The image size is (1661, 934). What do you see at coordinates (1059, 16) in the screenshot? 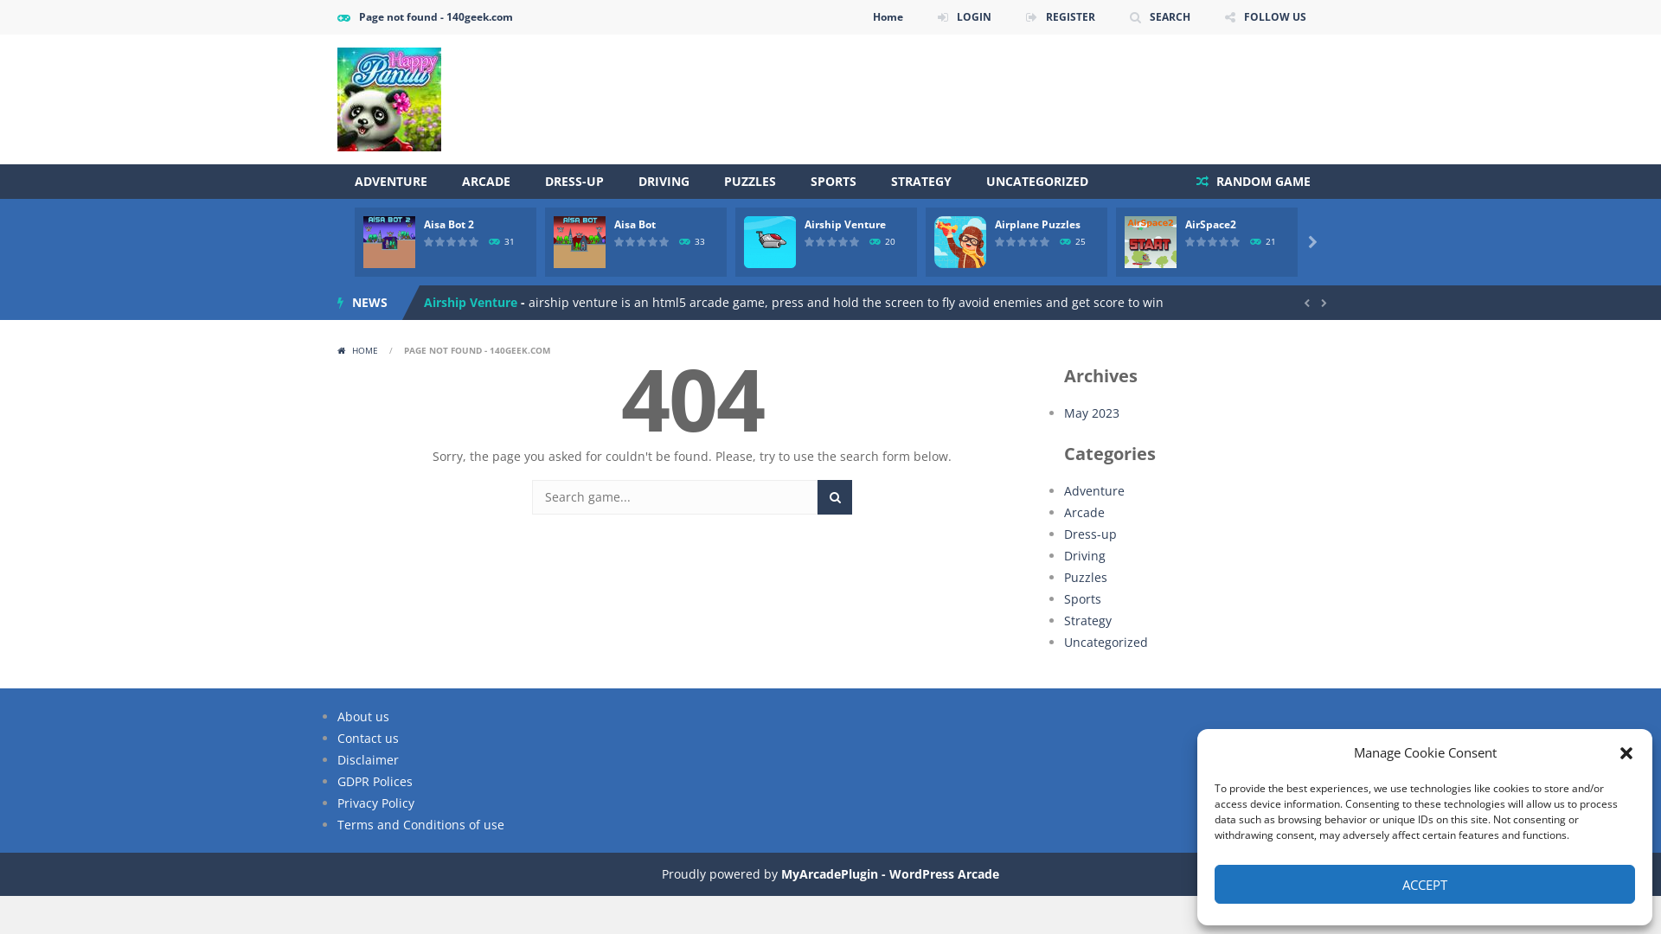
I see `'REGISTER'` at bounding box center [1059, 16].